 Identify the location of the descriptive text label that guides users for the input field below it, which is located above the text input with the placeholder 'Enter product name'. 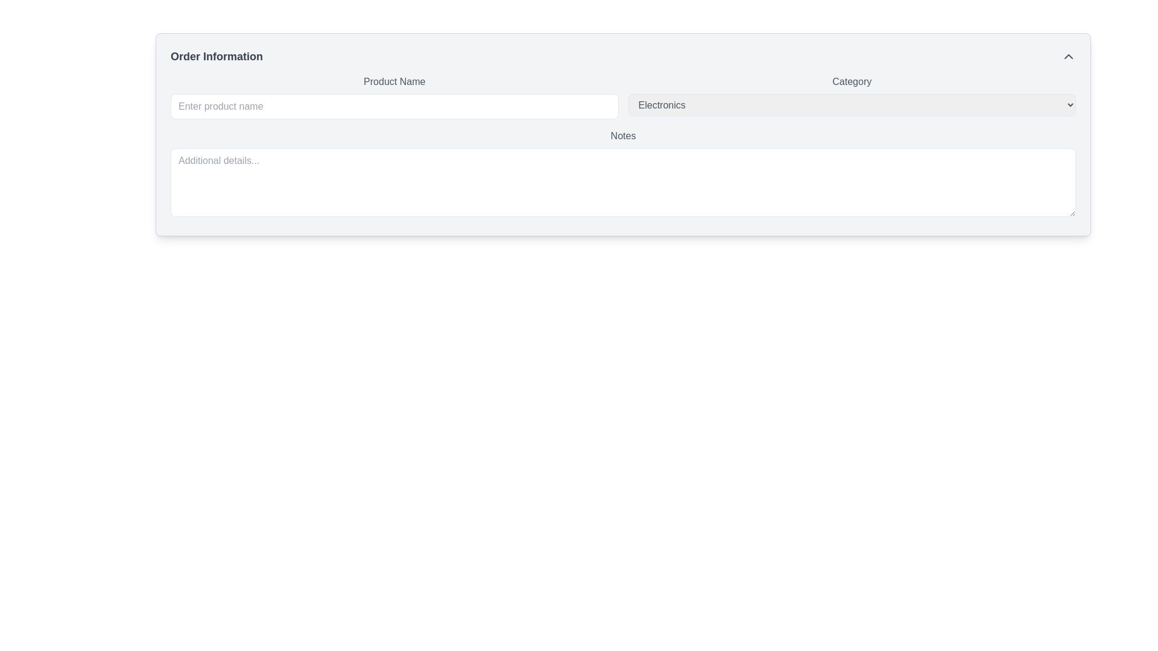
(394, 81).